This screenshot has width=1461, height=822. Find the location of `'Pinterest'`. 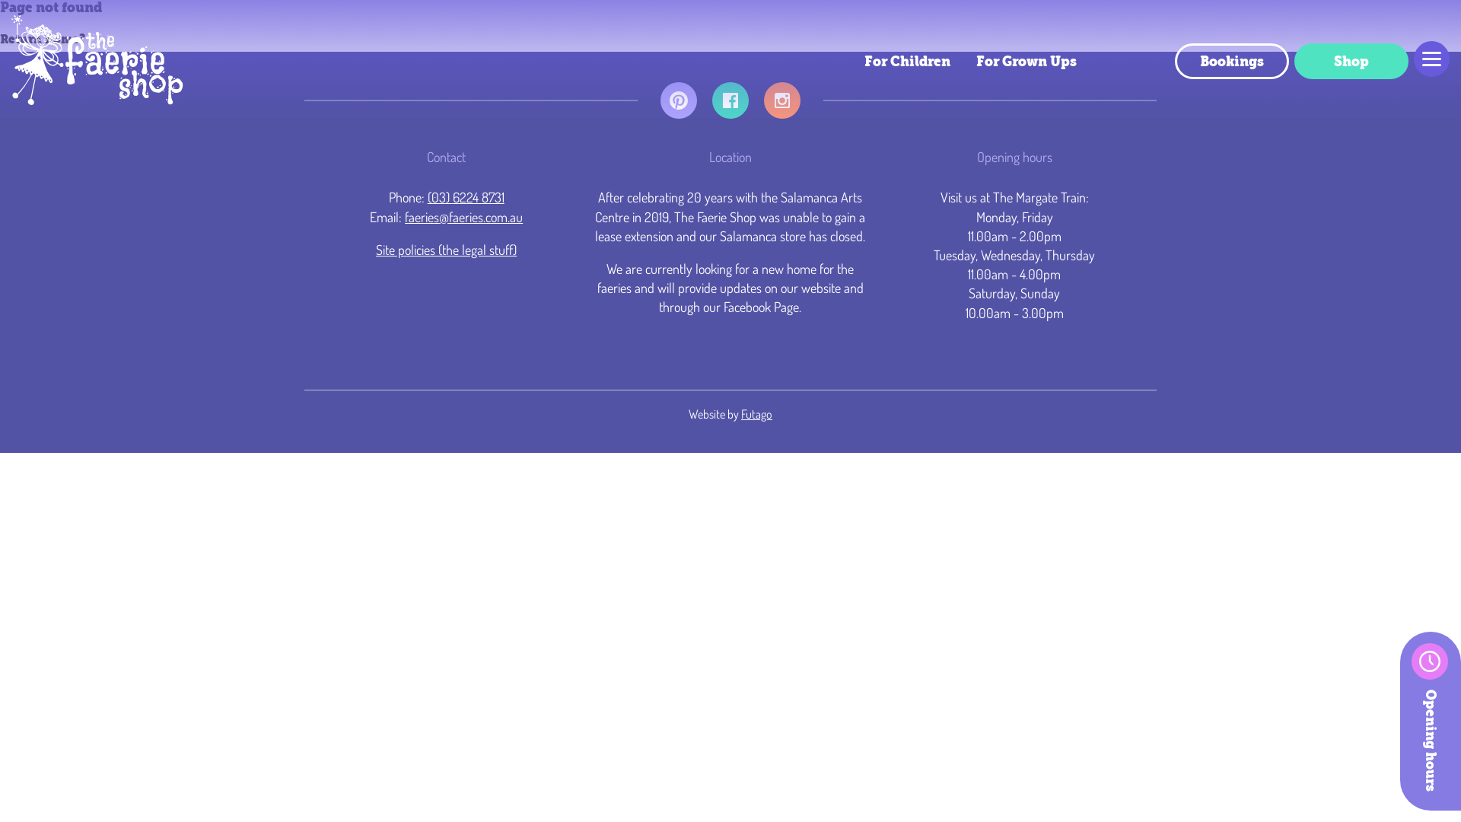

'Pinterest' is located at coordinates (678, 110).